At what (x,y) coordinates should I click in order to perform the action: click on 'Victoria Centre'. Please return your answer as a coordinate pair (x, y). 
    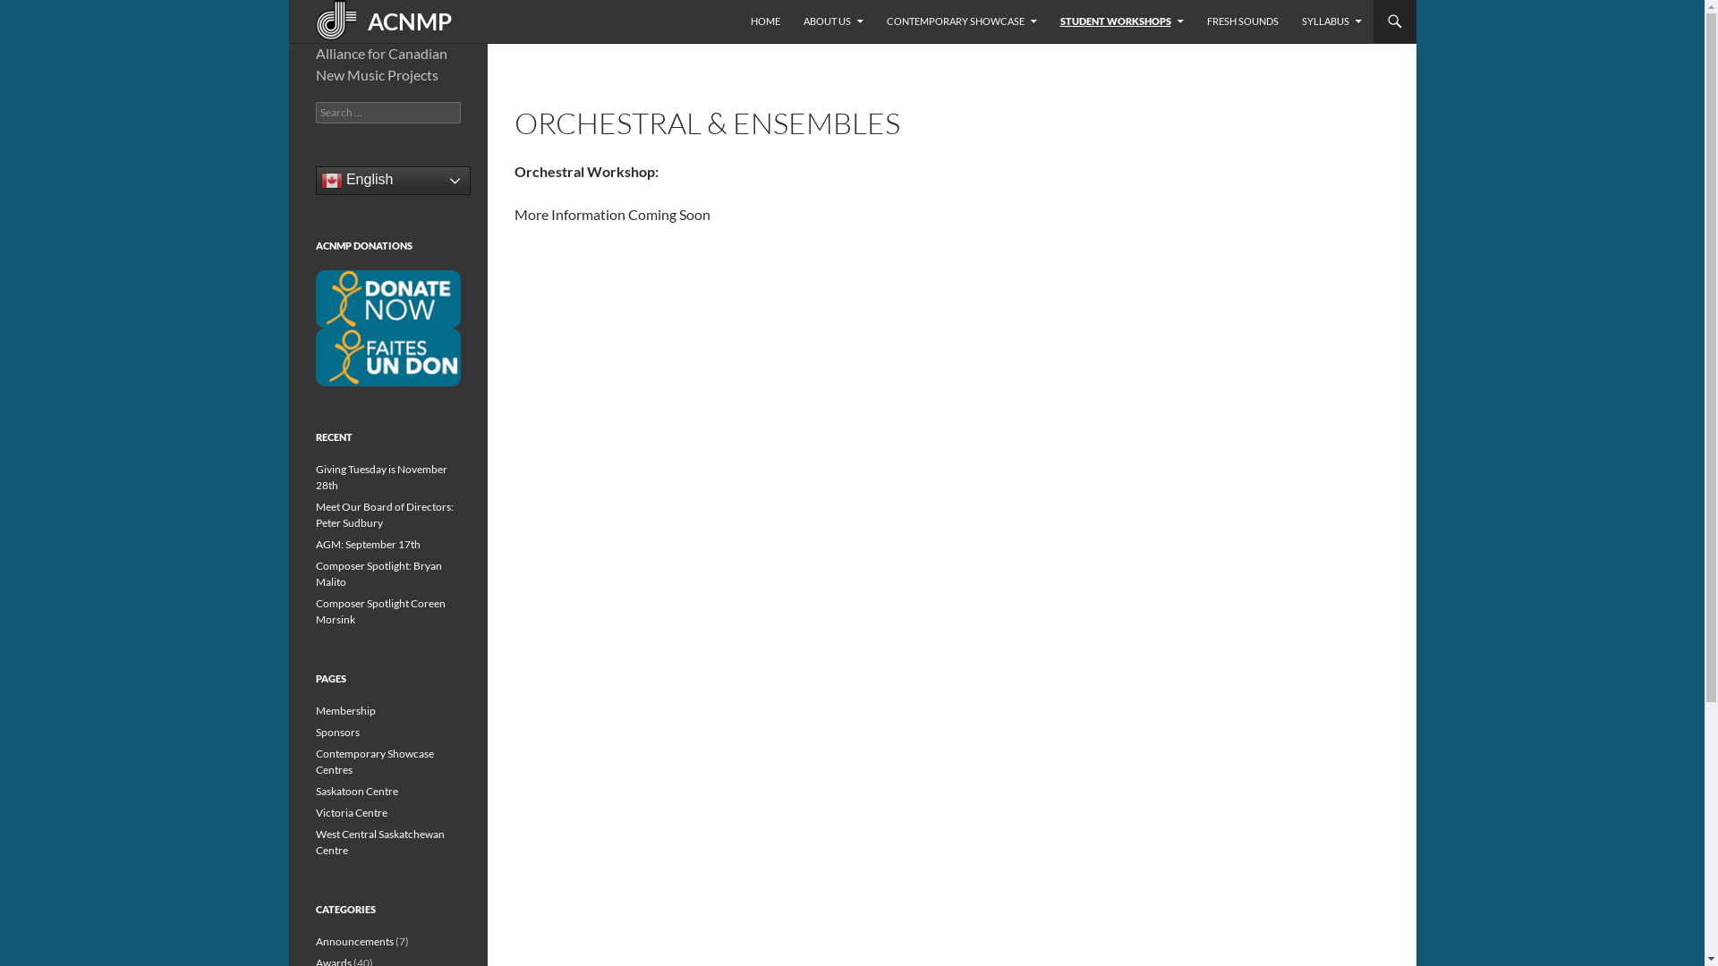
    Looking at the image, I should click on (351, 812).